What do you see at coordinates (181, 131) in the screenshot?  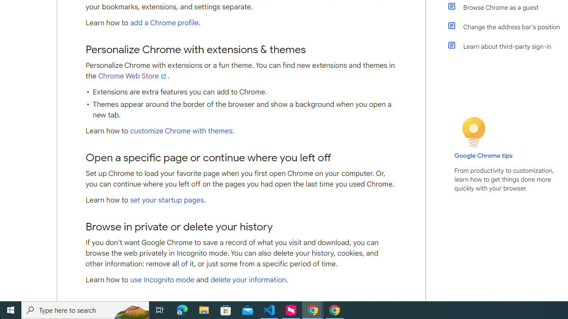 I see `'customize Chrome with themes'` at bounding box center [181, 131].